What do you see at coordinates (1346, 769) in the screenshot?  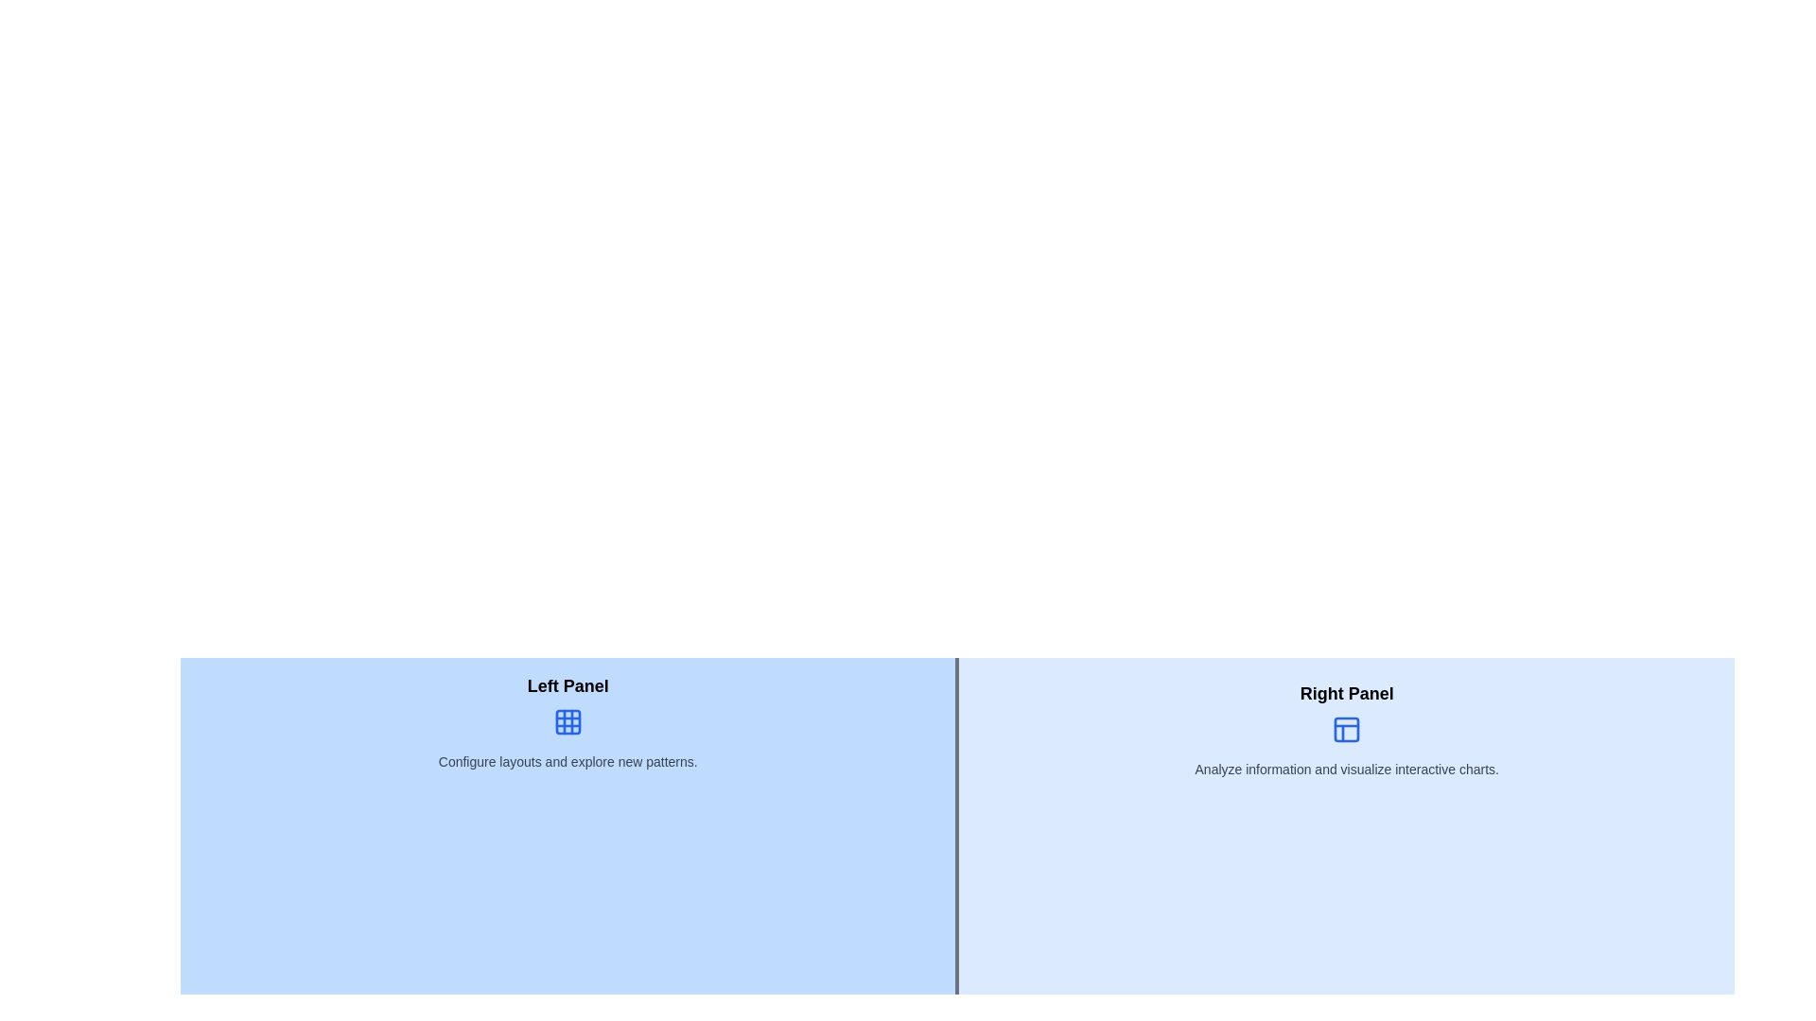 I see `text content from the descriptive label located in the 'Right Panel' section, positioned below the icon representing the panel under the title 'Right Panel'` at bounding box center [1346, 769].